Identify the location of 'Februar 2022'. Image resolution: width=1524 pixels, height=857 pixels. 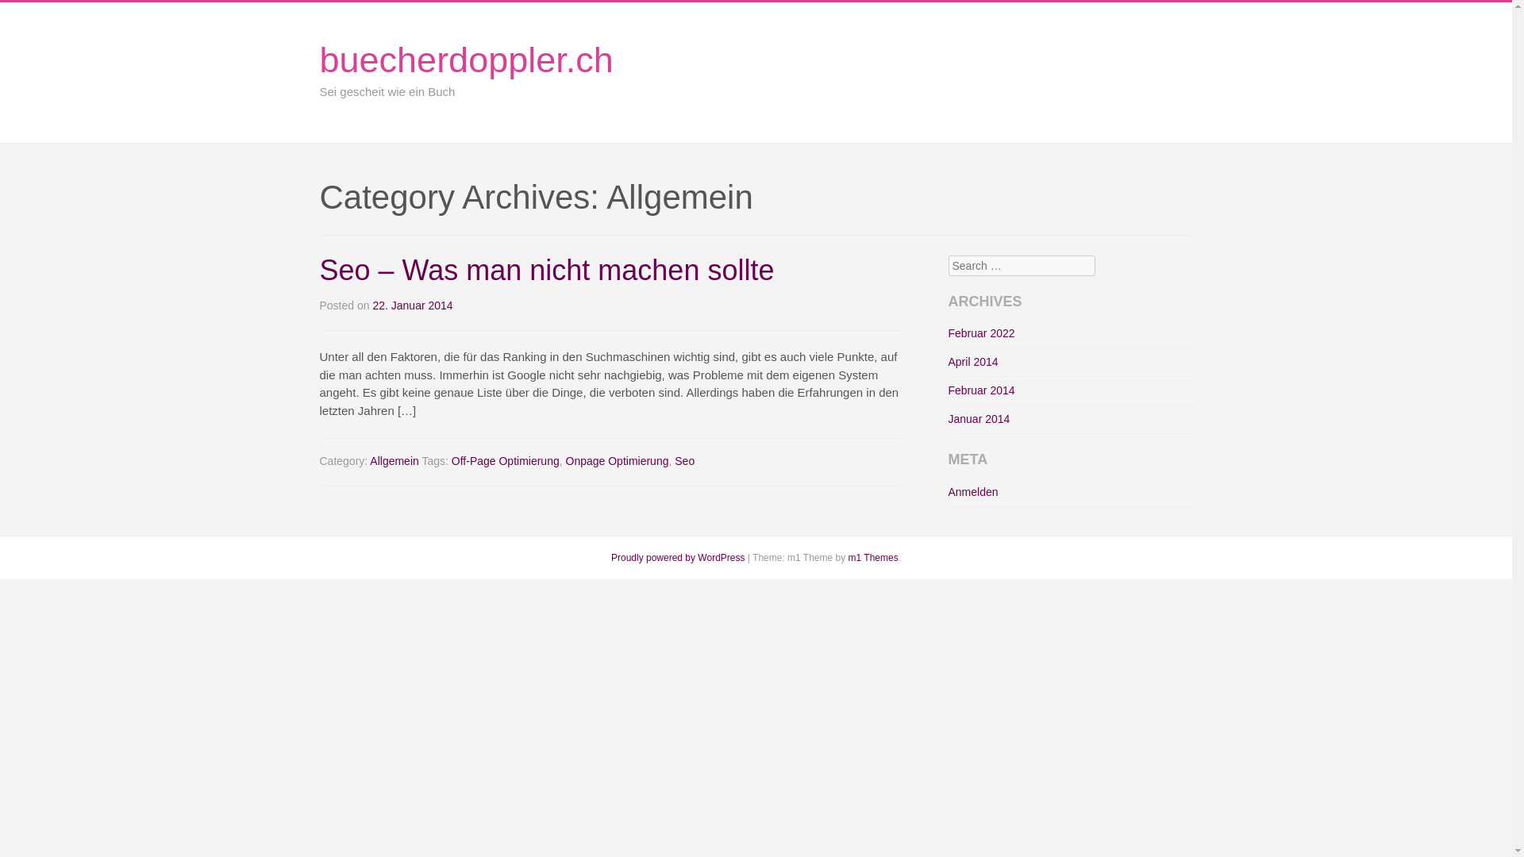
(980, 332).